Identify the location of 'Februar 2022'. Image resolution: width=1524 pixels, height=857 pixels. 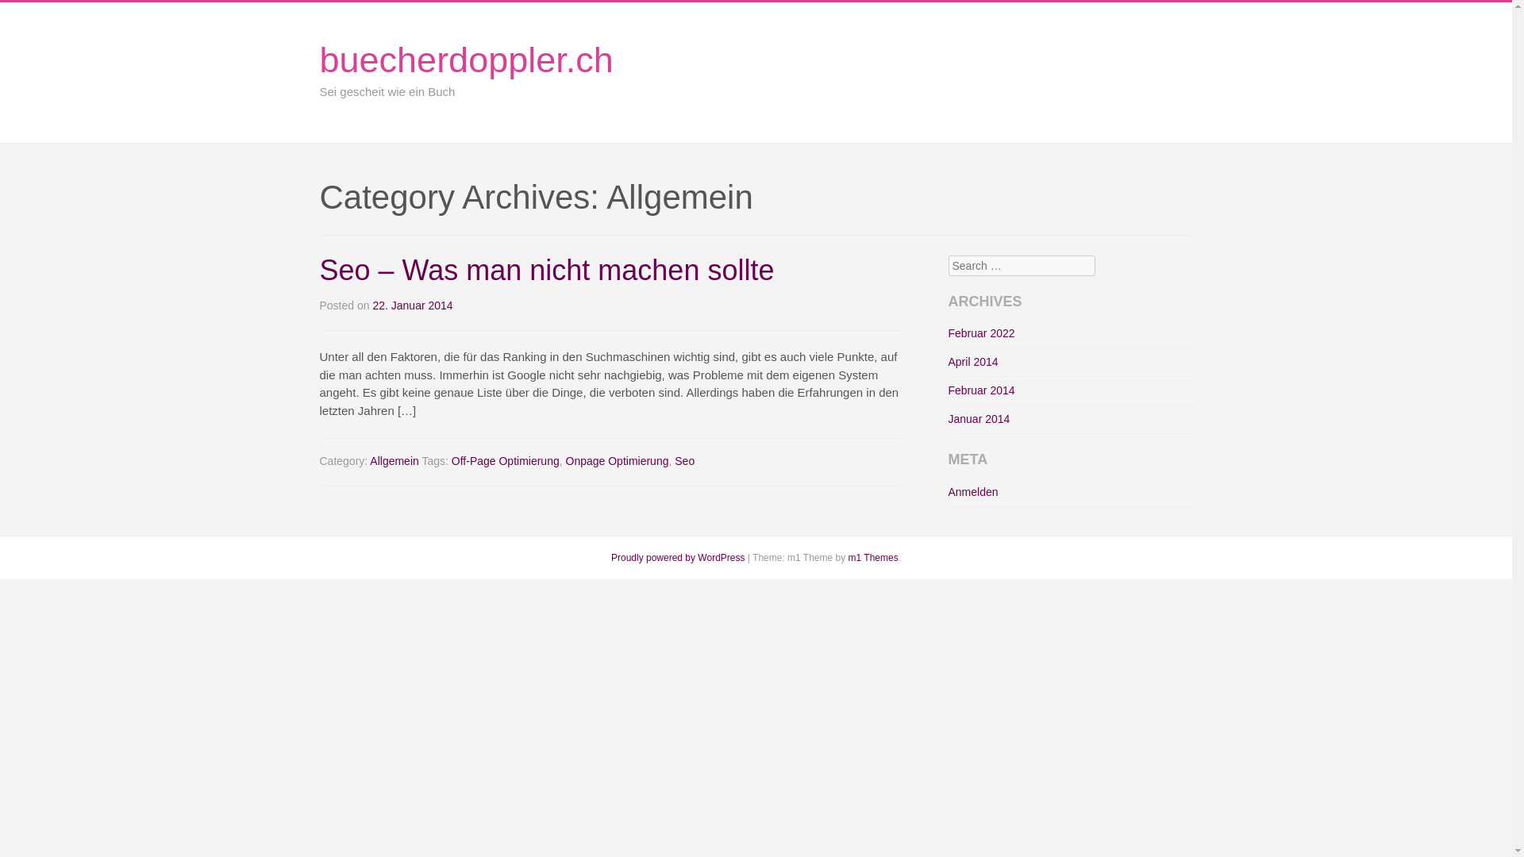
(980, 332).